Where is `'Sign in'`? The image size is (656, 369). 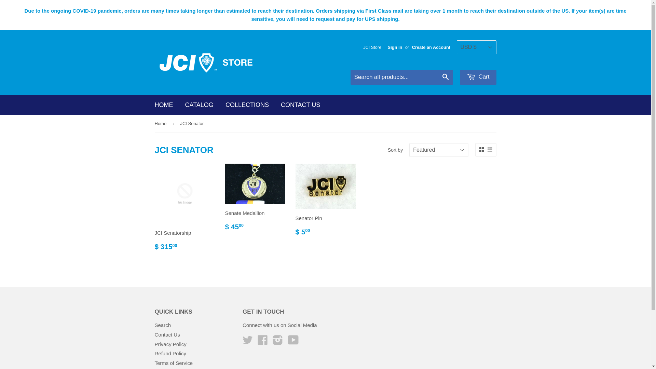
'Sign in' is located at coordinates (395, 47).